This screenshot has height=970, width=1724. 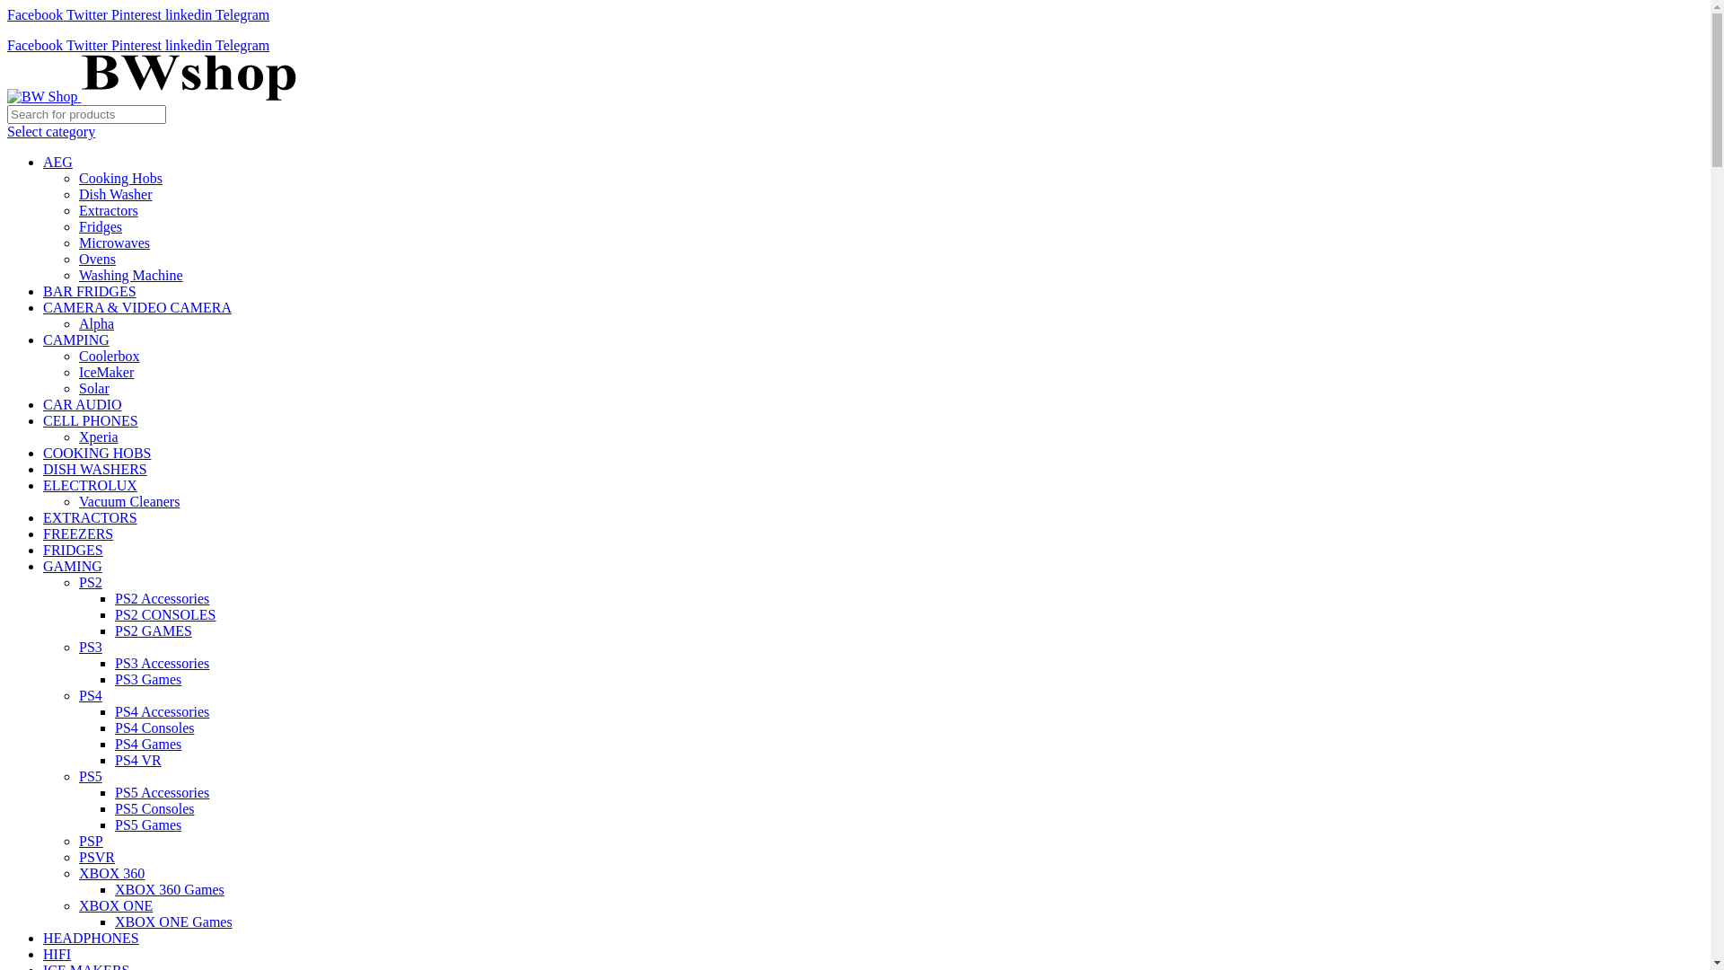 I want to click on 'Vacuum Cleaners', so click(x=128, y=501).